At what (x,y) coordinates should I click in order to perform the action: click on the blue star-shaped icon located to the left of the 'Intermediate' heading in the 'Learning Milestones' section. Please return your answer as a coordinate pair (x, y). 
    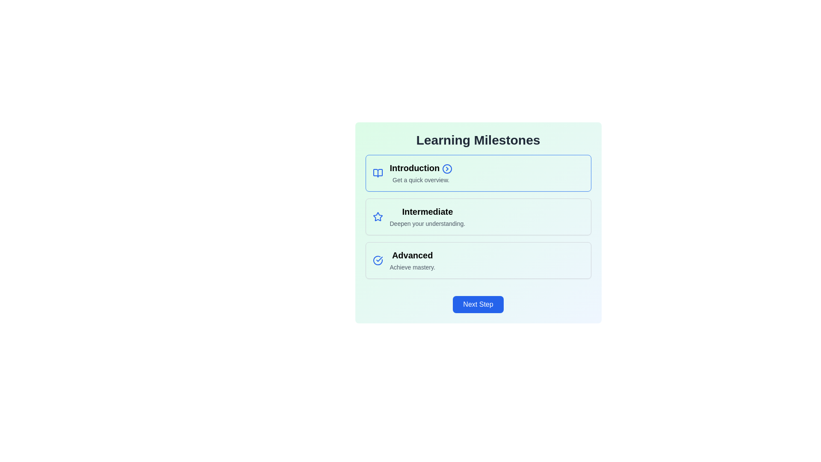
    Looking at the image, I should click on (377, 216).